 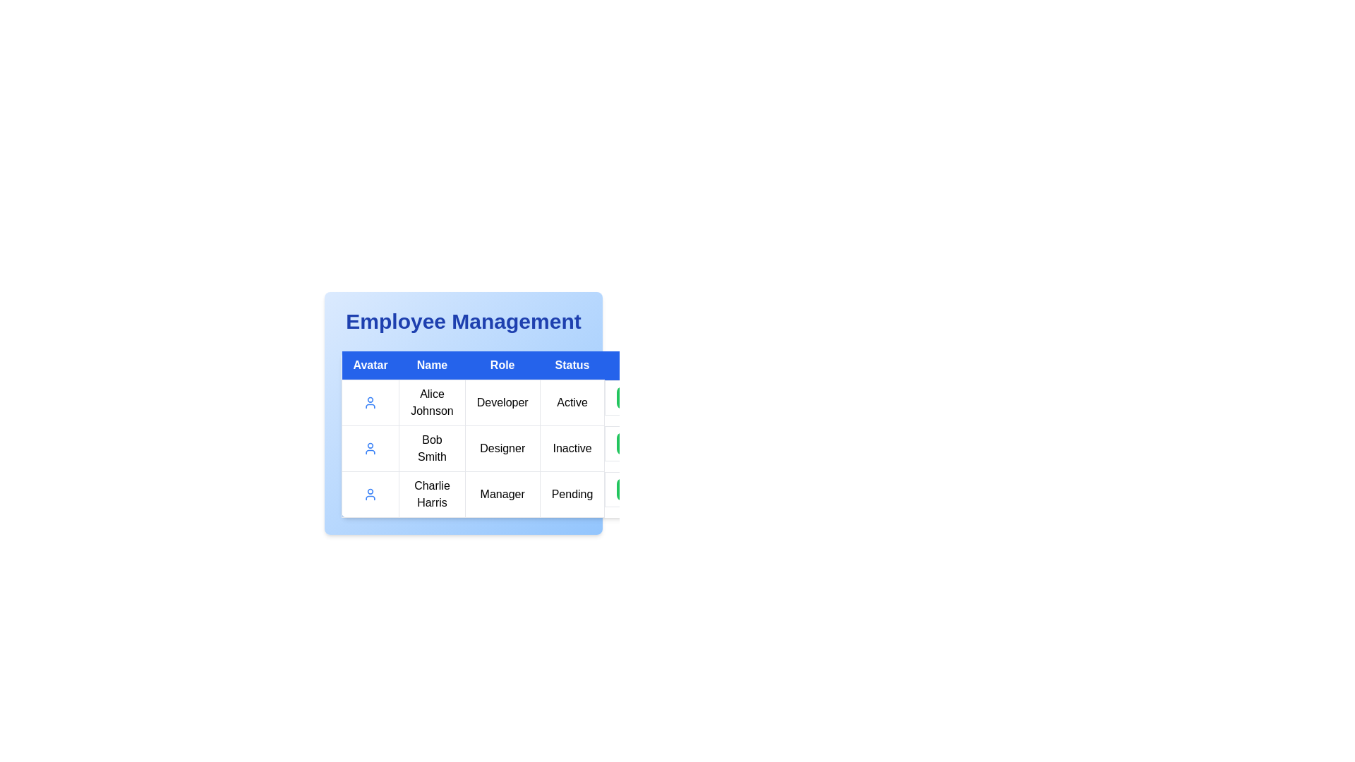 I want to click on the non-interactive text label indicating the role of 'Bob Smith' in the table, located in the third column of the second row under the 'Role' header, so click(x=502, y=449).